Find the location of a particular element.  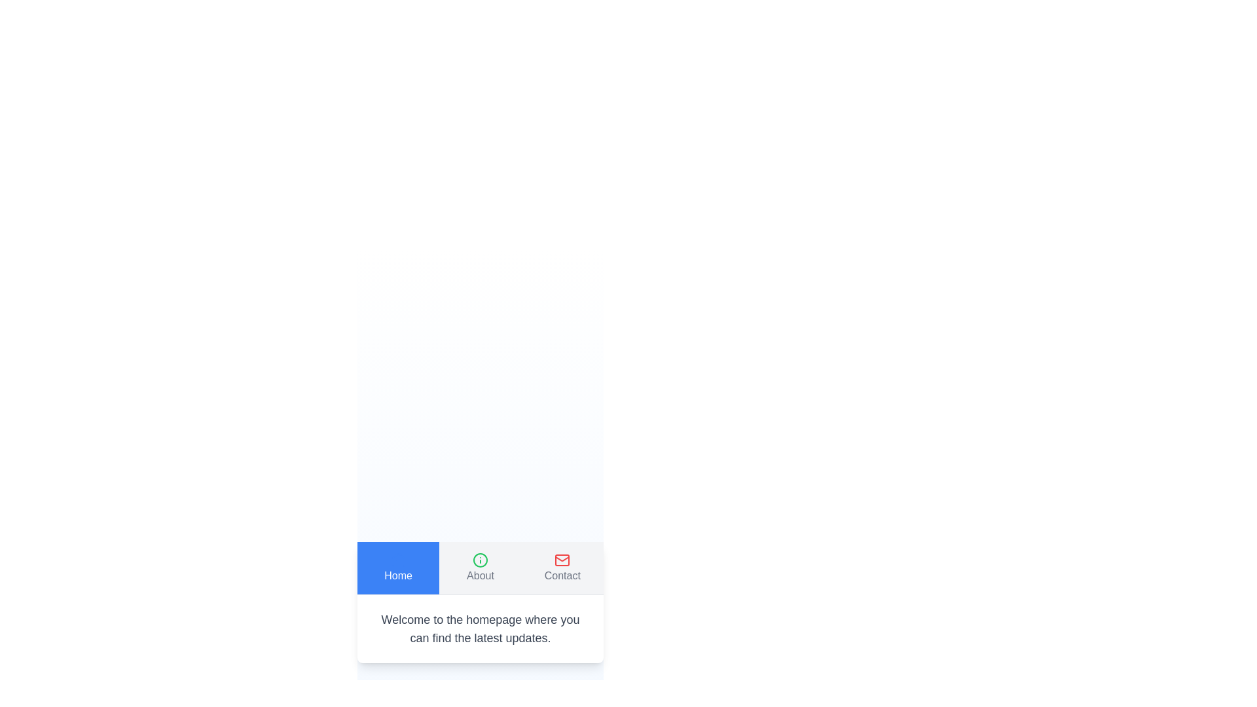

the Contact tab to observe visual feedback is located at coordinates (562, 567).